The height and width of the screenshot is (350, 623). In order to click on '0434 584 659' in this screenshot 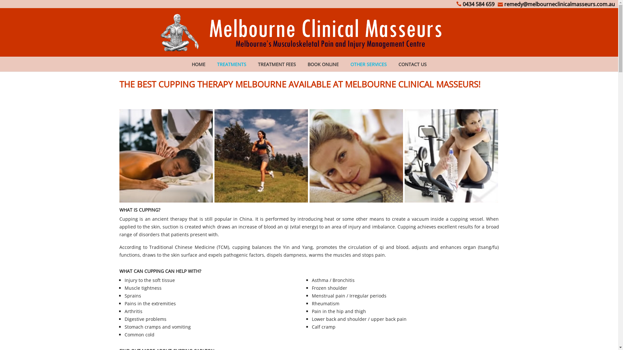, I will do `click(475, 4)`.